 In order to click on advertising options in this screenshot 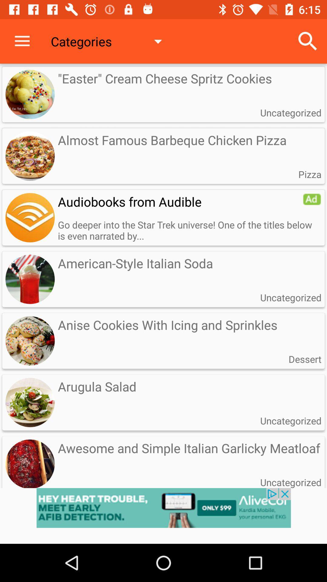, I will do `click(312, 199)`.